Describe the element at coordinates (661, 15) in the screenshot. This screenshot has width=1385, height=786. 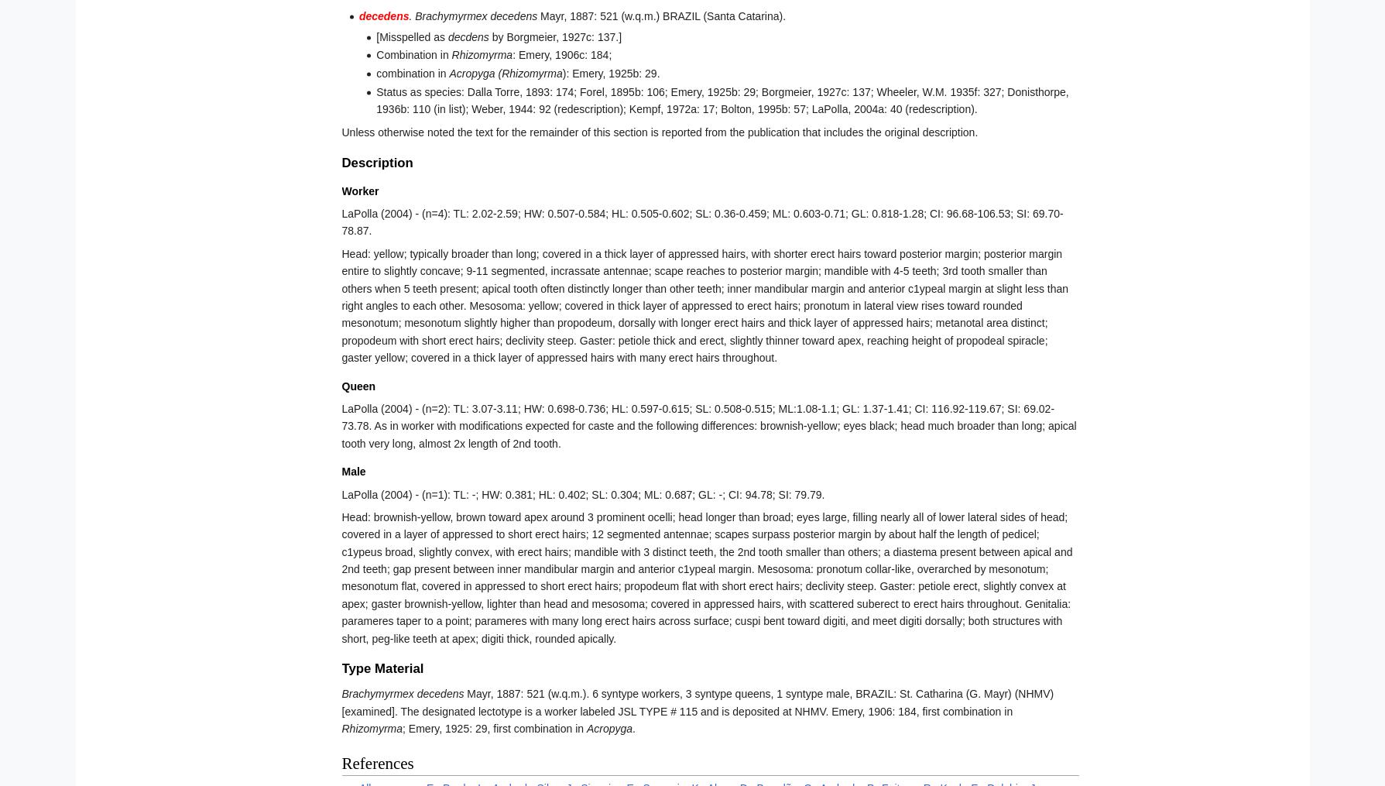
I see `'Mayr, 1887: 521 (w.q.m.) BRAZIL (Santa Catarina).'` at that location.